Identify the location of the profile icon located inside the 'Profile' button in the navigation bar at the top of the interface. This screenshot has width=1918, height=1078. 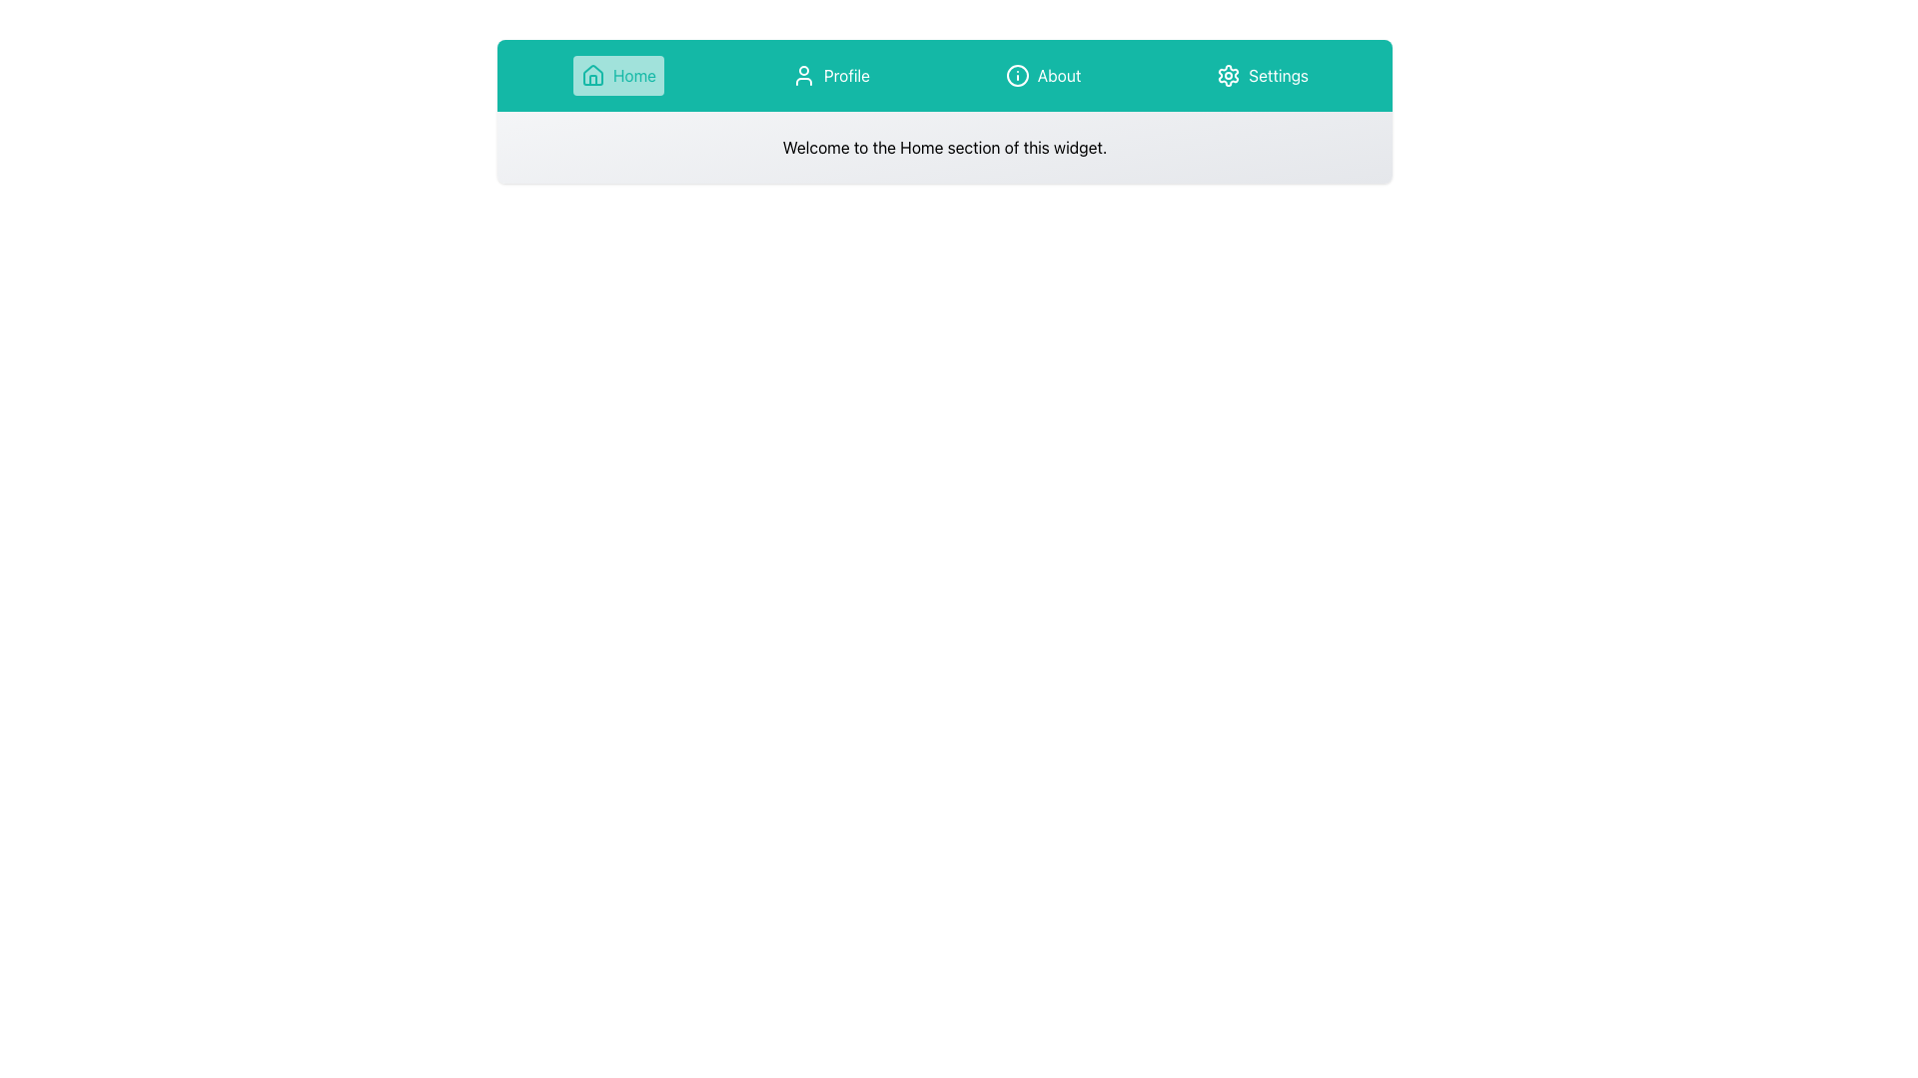
(803, 75).